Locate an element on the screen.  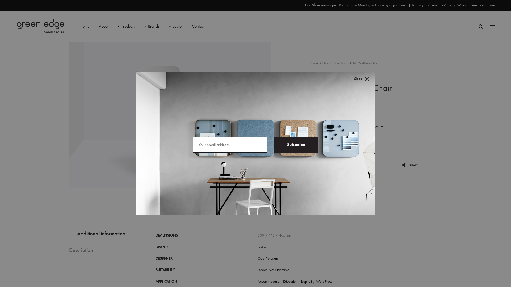
'Description' is located at coordinates (93, 250).